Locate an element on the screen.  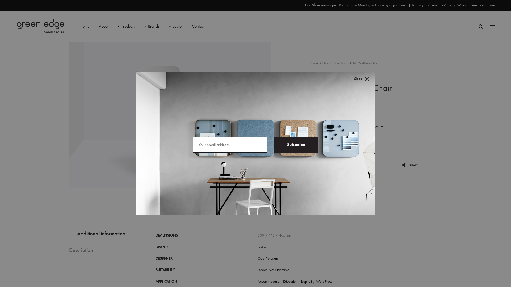
'Description' is located at coordinates (93, 250).